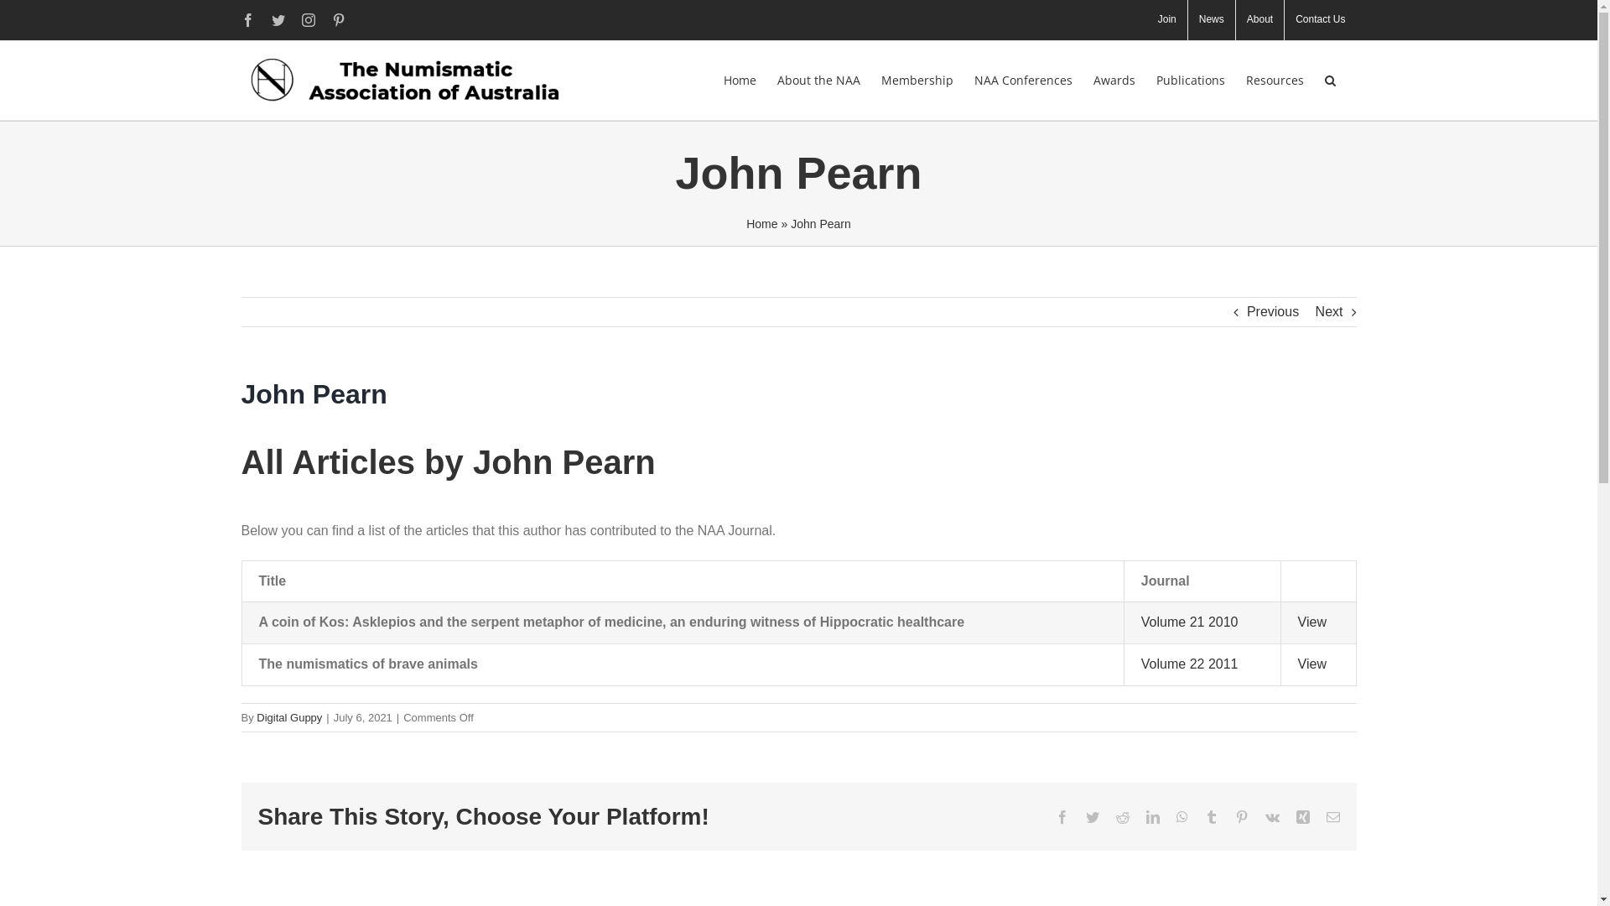 This screenshot has height=906, width=1610. Describe the element at coordinates (1022, 81) in the screenshot. I see `'NAA Conferences'` at that location.